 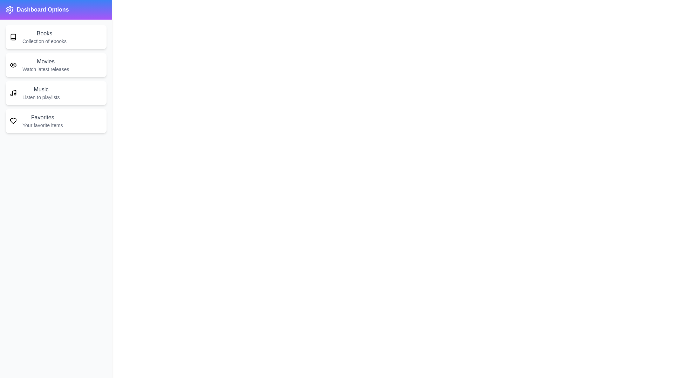 What do you see at coordinates (55, 37) in the screenshot?
I see `the menu item labeled 'Books' to observe its hover effect` at bounding box center [55, 37].